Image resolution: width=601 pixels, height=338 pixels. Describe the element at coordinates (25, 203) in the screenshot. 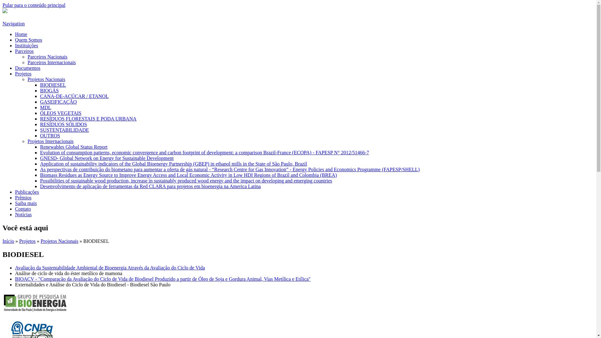

I see `'Saiba mais'` at that location.